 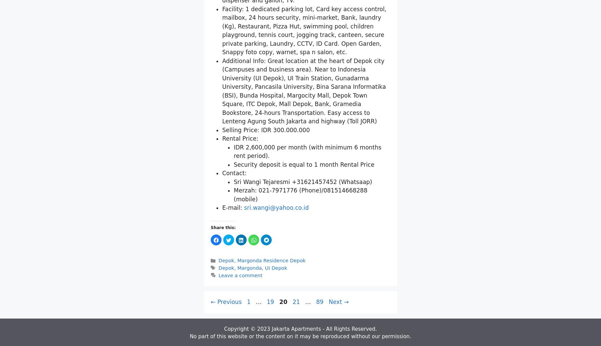 What do you see at coordinates (276, 287) in the screenshot?
I see `'sri.wangi@yahoo.co.id'` at bounding box center [276, 287].